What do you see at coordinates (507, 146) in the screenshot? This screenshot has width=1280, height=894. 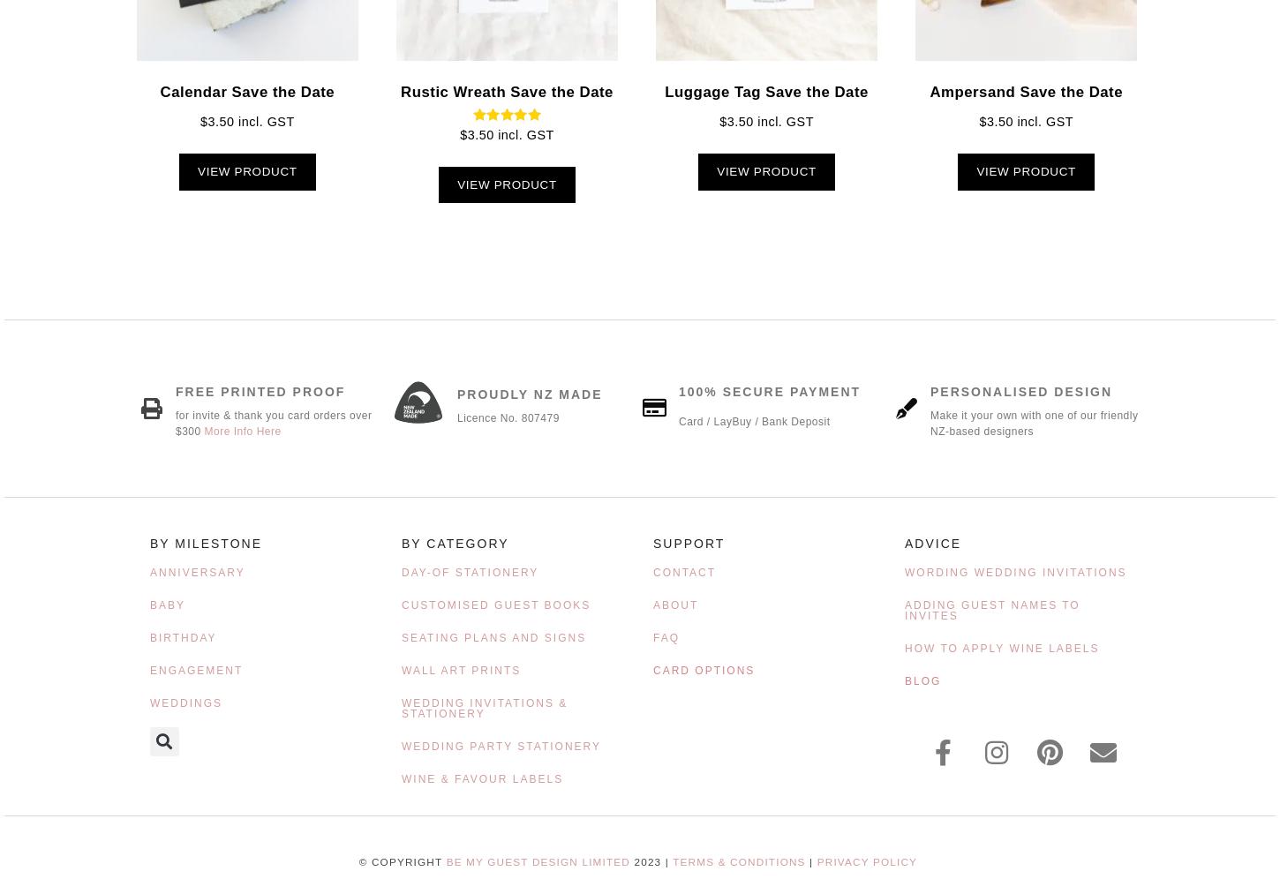 I see `'5.00'` at bounding box center [507, 146].